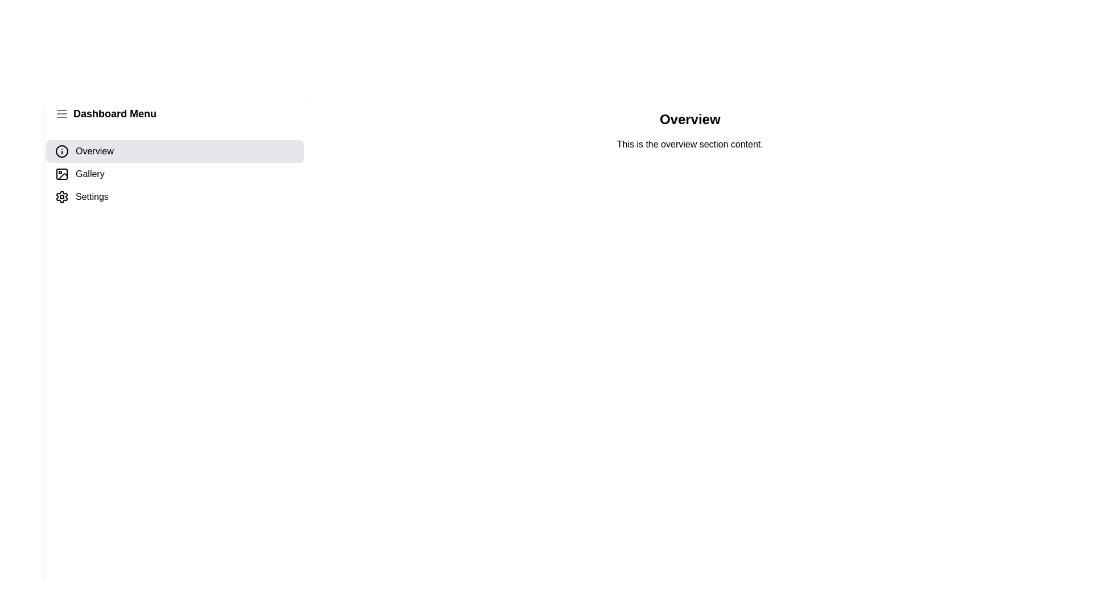 The width and height of the screenshot is (1093, 615). What do you see at coordinates (174, 196) in the screenshot?
I see `the menu item corresponding to Settings` at bounding box center [174, 196].